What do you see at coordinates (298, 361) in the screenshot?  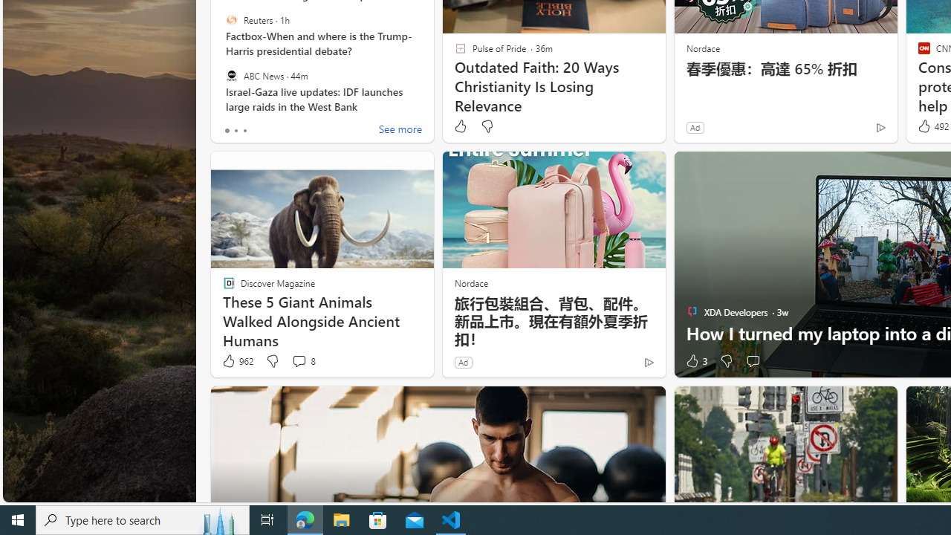 I see `'View comments 8 Comment'` at bounding box center [298, 361].